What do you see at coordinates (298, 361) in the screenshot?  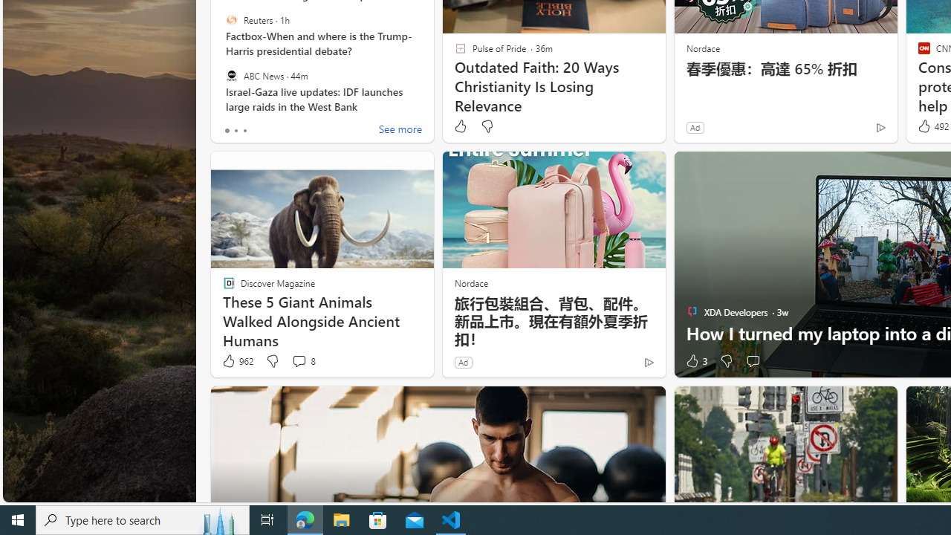 I see `'View comments 8 Comment'` at bounding box center [298, 361].